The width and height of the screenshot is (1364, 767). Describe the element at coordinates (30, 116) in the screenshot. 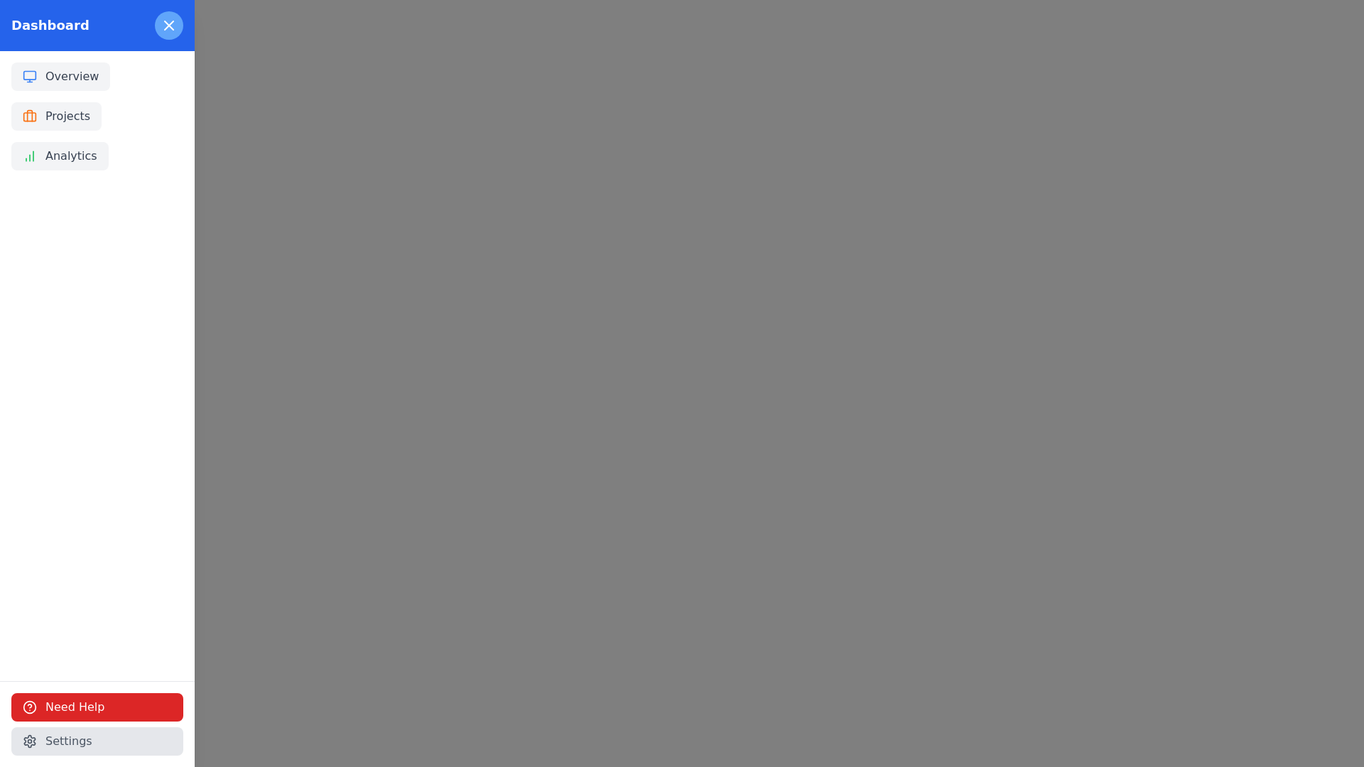

I see `the orange briefcase icon located to the left of the 'Projects' text` at that location.